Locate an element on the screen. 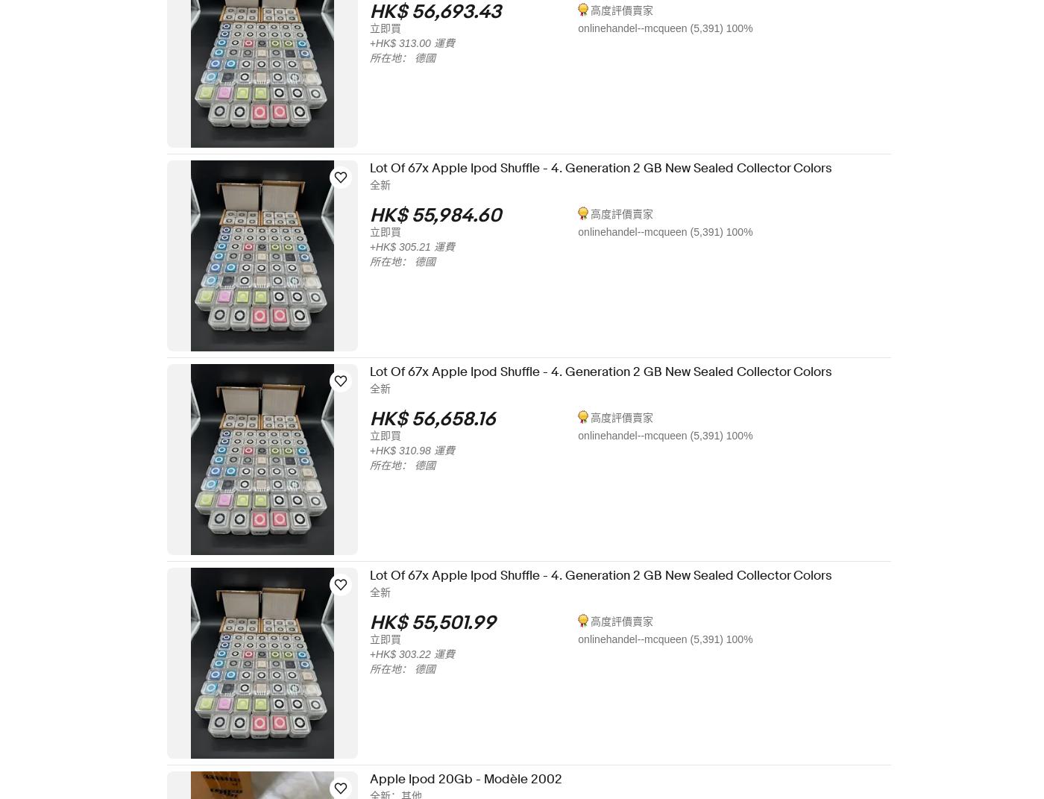  '+HK$ 310.98 運費' is located at coordinates (422, 451).